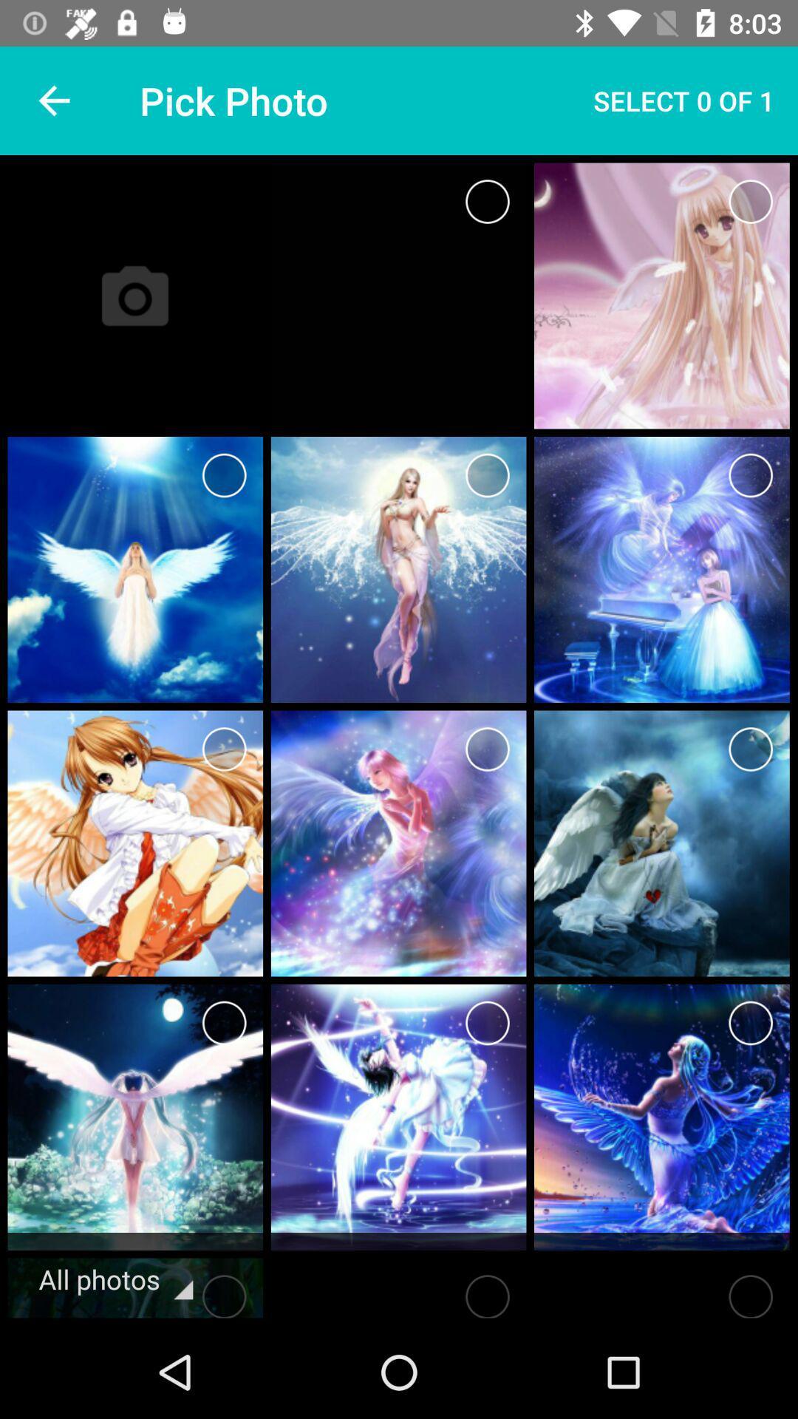 The image size is (798, 1419). Describe the element at coordinates (683, 100) in the screenshot. I see `the item to the right of pick photo` at that location.